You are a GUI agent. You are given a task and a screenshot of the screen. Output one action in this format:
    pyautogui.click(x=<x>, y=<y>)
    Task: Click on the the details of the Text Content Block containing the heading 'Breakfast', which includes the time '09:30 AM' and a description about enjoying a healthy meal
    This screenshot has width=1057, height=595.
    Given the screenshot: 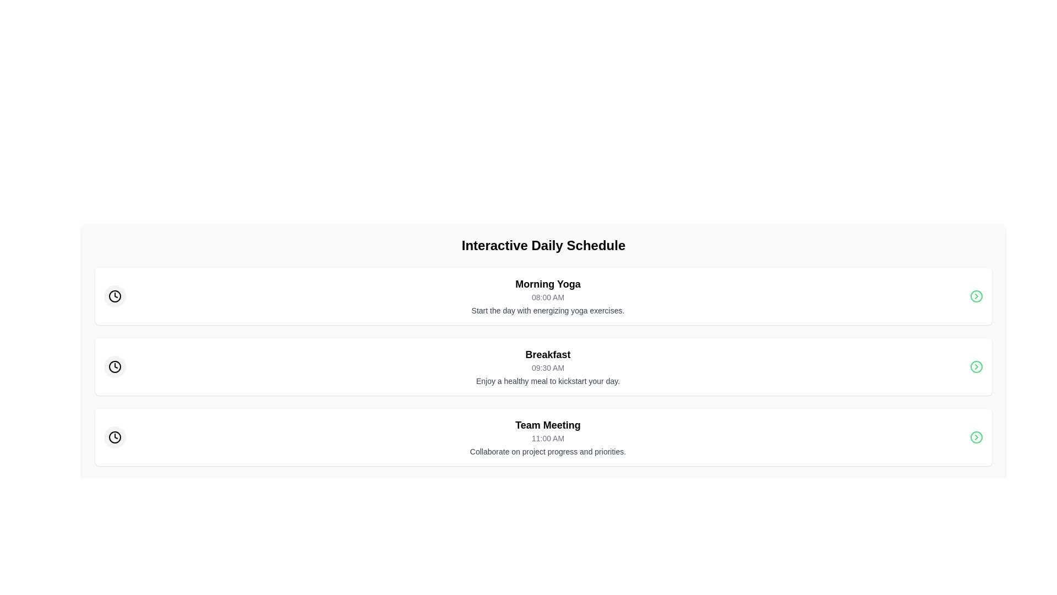 What is the action you would take?
    pyautogui.click(x=548, y=367)
    